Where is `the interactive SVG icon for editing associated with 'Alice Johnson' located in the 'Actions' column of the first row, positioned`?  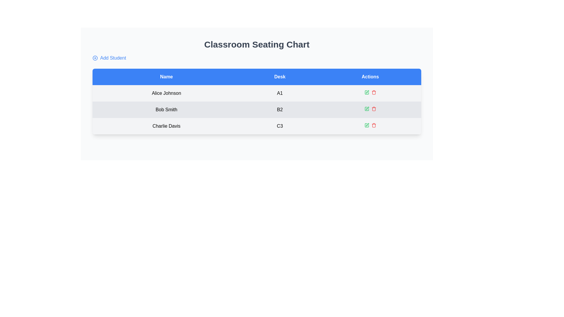 the interactive SVG icon for editing associated with 'Alice Johnson' located in the 'Actions' column of the first row, positioned is located at coordinates (366, 92).